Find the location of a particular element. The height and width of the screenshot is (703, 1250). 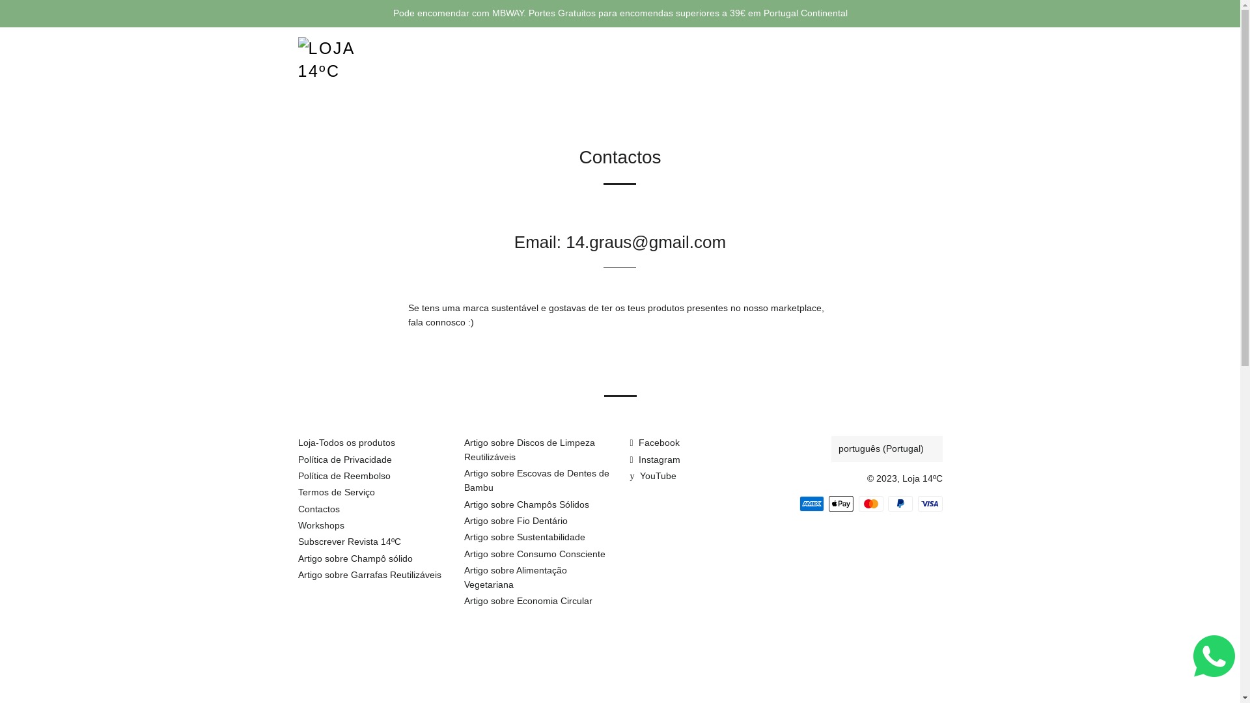

'Contactos' is located at coordinates (297, 508).